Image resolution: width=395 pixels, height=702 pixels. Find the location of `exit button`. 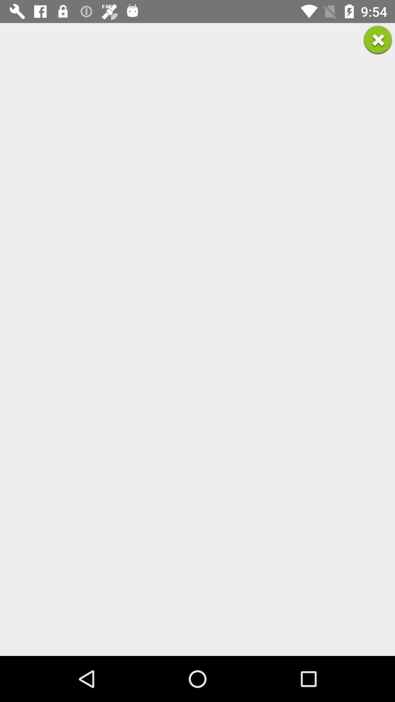

exit button is located at coordinates (378, 39).